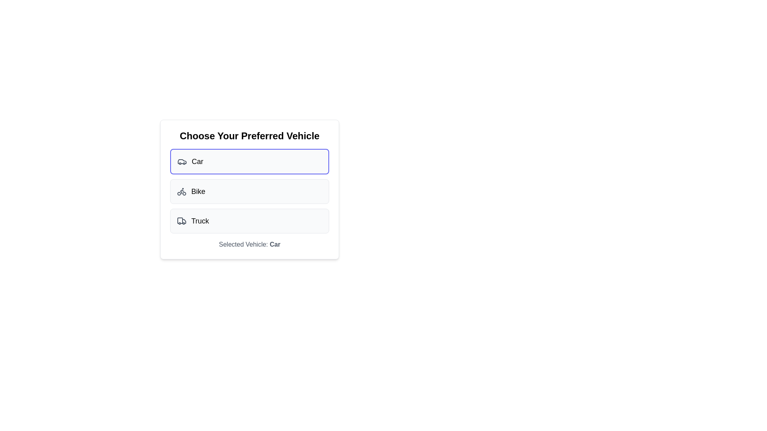  I want to click on the text label displaying the word 'Bike' in a bold font, located in the second option of a vertical selection menu, so click(198, 191).